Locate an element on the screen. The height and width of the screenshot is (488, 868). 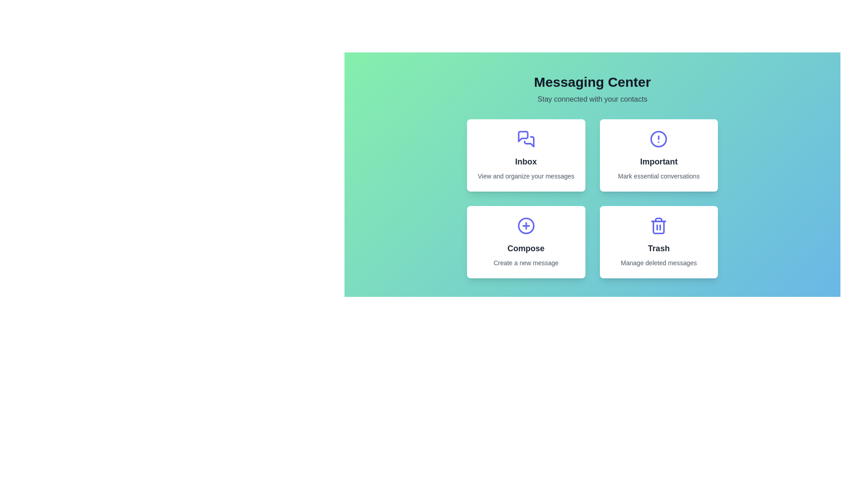
the text label that provides additional explanatory information for the 'Inbox' section, specifically the text 'View and organize your messages' is located at coordinates (526, 176).